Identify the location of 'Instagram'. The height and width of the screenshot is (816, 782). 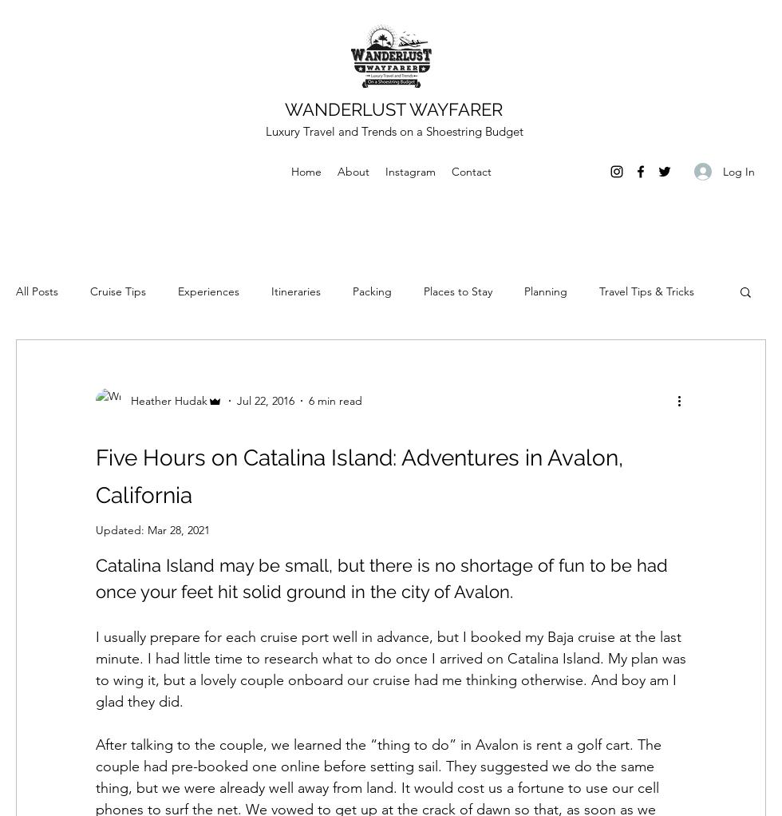
(409, 172).